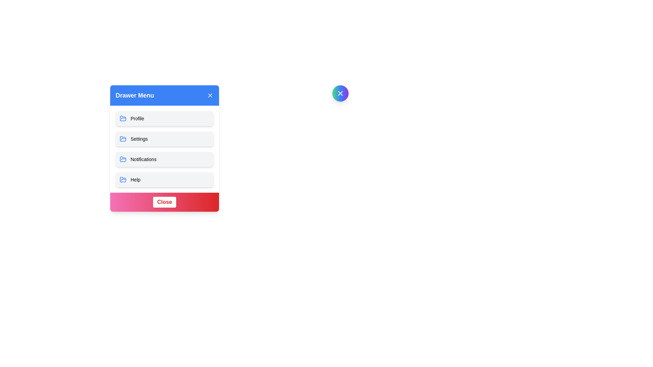  What do you see at coordinates (123, 159) in the screenshot?
I see `the blue folder icon located to the left of the 'Notifications' item in the drawer menu options` at bounding box center [123, 159].